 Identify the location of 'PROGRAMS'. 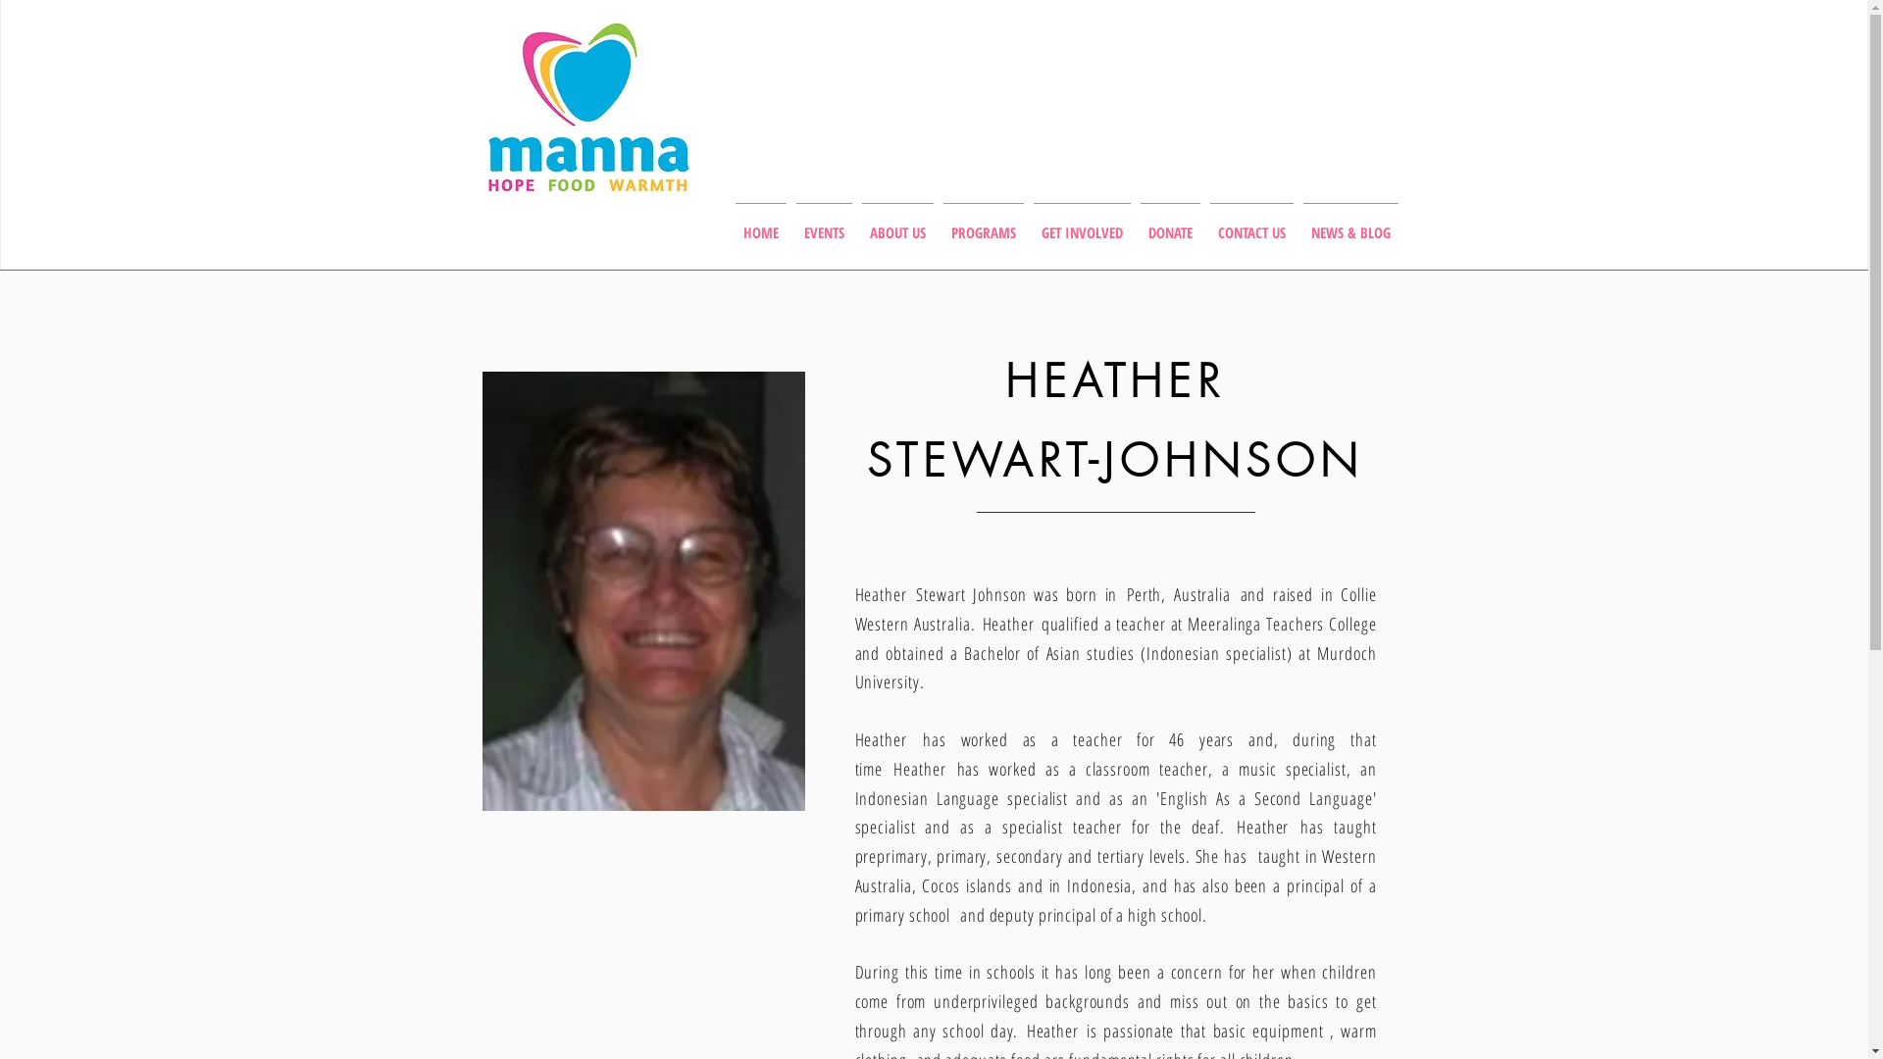
(983, 222).